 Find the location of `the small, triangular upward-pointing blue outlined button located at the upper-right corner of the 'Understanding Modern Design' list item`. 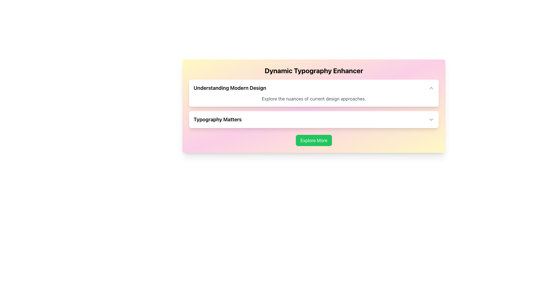

the small, triangular upward-pointing blue outlined button located at the upper-right corner of the 'Understanding Modern Design' list item is located at coordinates (431, 88).